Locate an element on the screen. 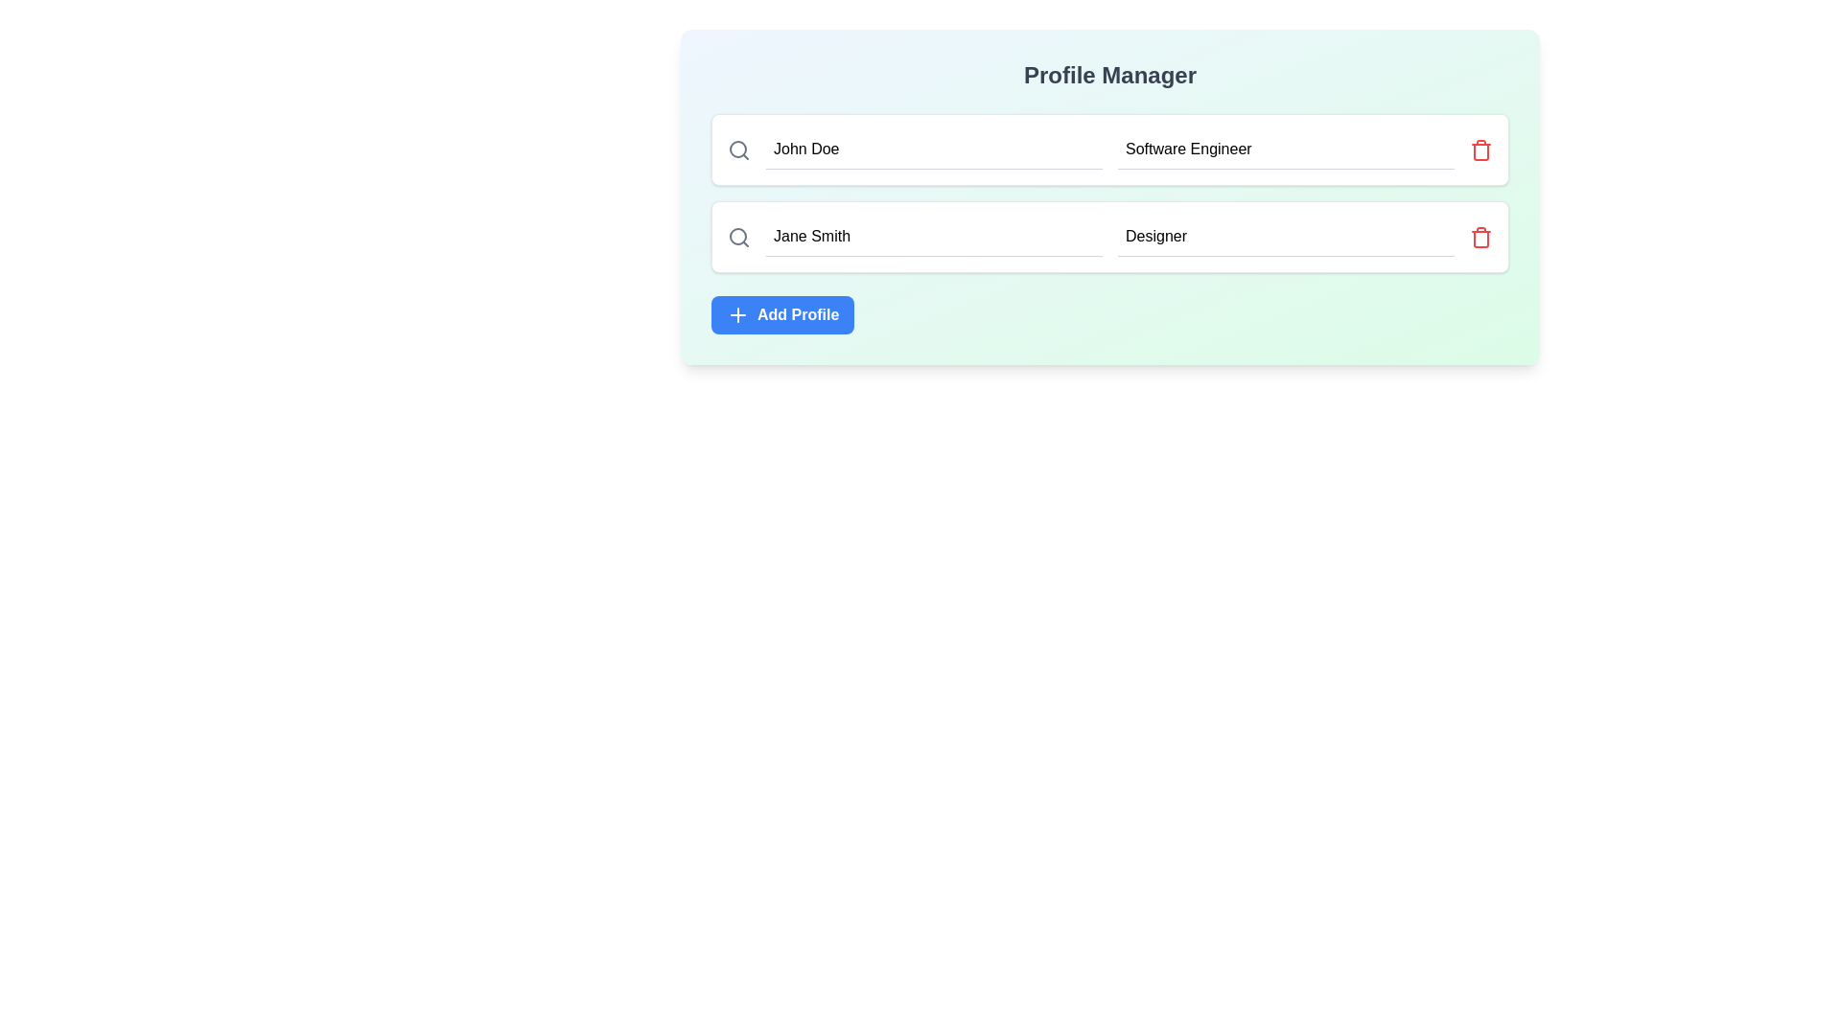 The height and width of the screenshot is (1035, 1841). SVG properties of the circular icon resembling a magnifying glass located in the second input field of the profile manager form, next to the 'Jane Smith' text is located at coordinates (736, 235).